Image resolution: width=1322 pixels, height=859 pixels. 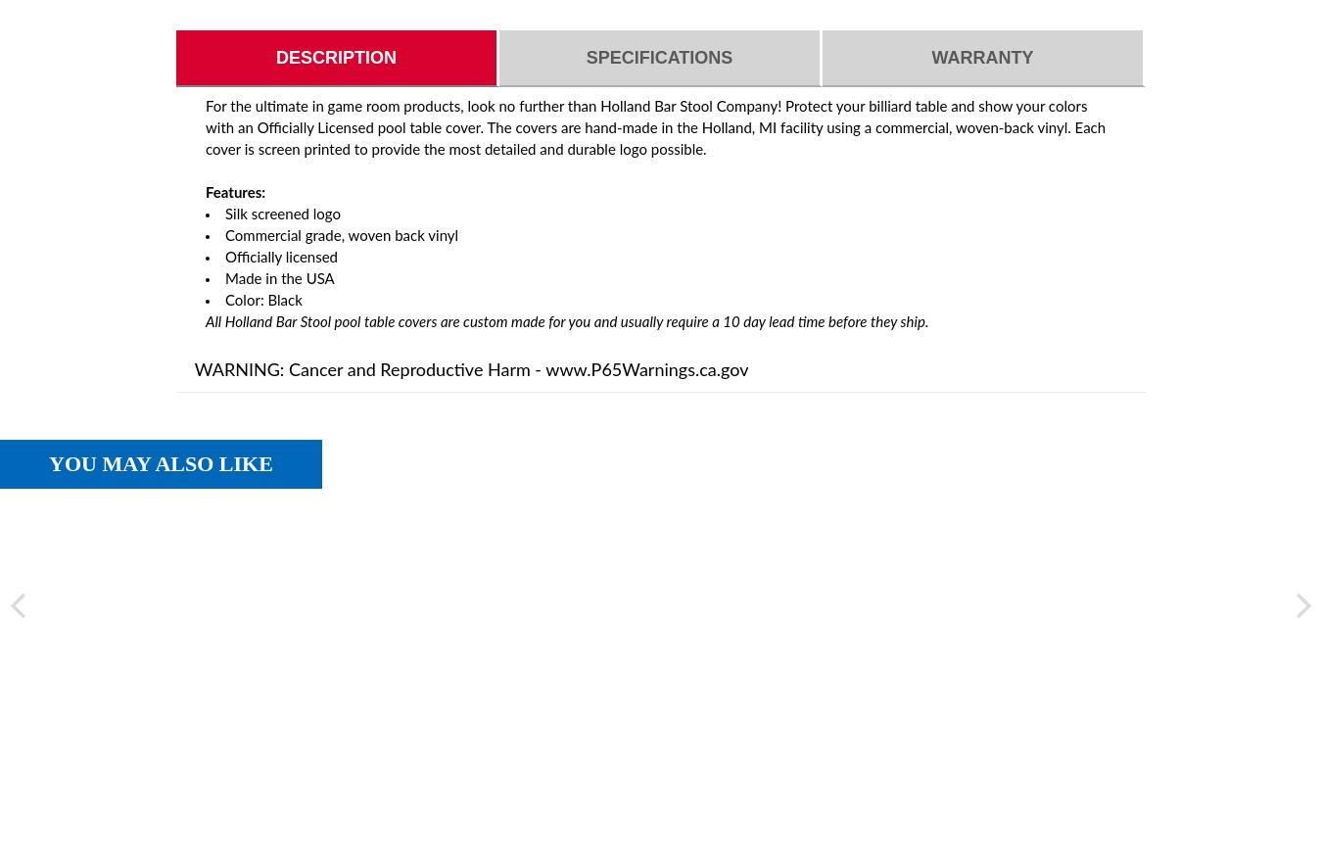 What do you see at coordinates (470, 371) in the screenshot?
I see `'WARNING: Cancer and Reproductive Harm - www.P65Warnings.ca.gov'` at bounding box center [470, 371].